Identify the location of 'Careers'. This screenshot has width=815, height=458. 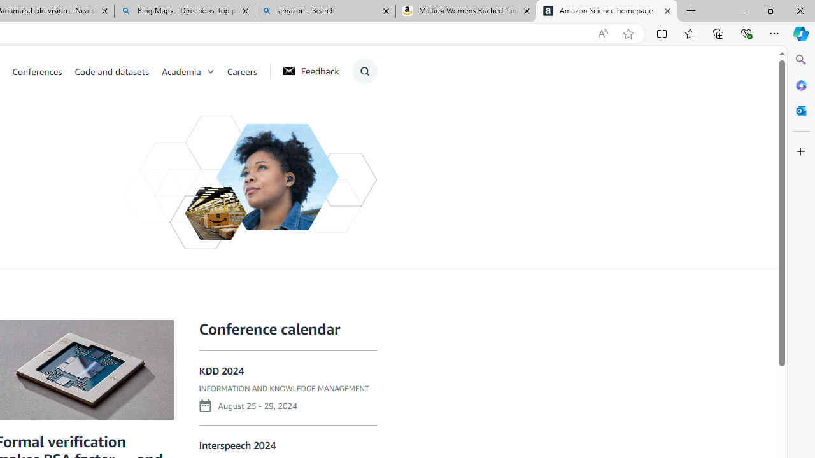
(242, 71).